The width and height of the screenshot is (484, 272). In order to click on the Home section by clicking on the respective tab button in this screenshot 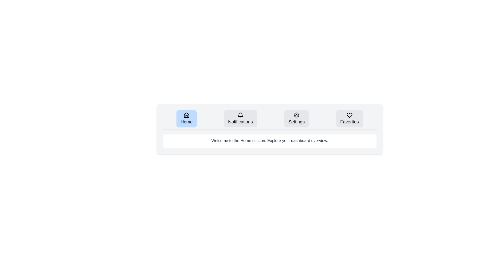, I will do `click(186, 119)`.